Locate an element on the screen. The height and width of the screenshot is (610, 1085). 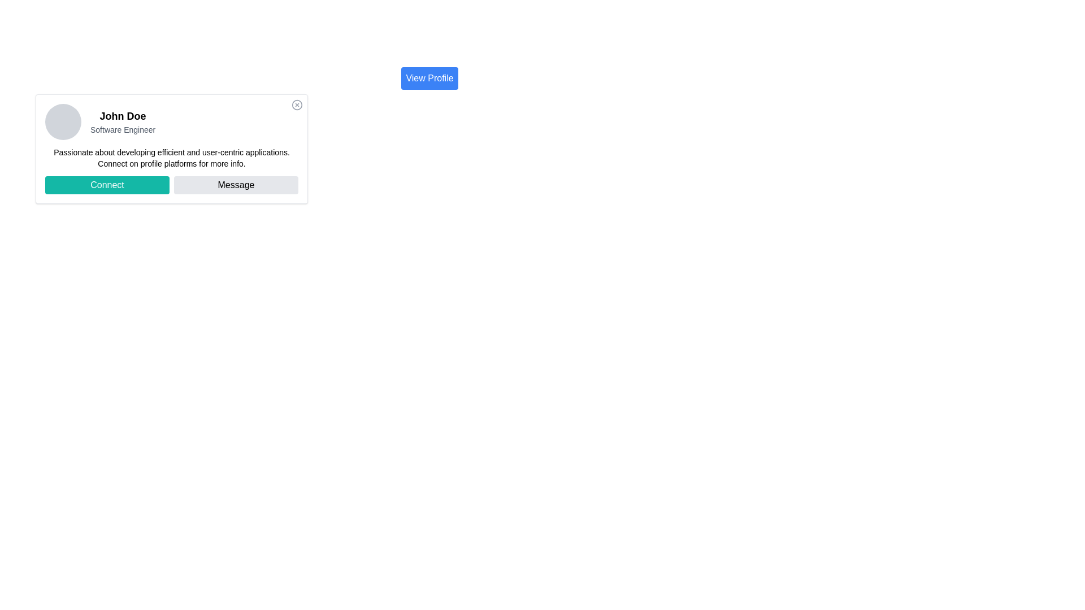
text label displaying 'Software Engineer' in gray font located below 'John Doe' in the profile card is located at coordinates (123, 129).